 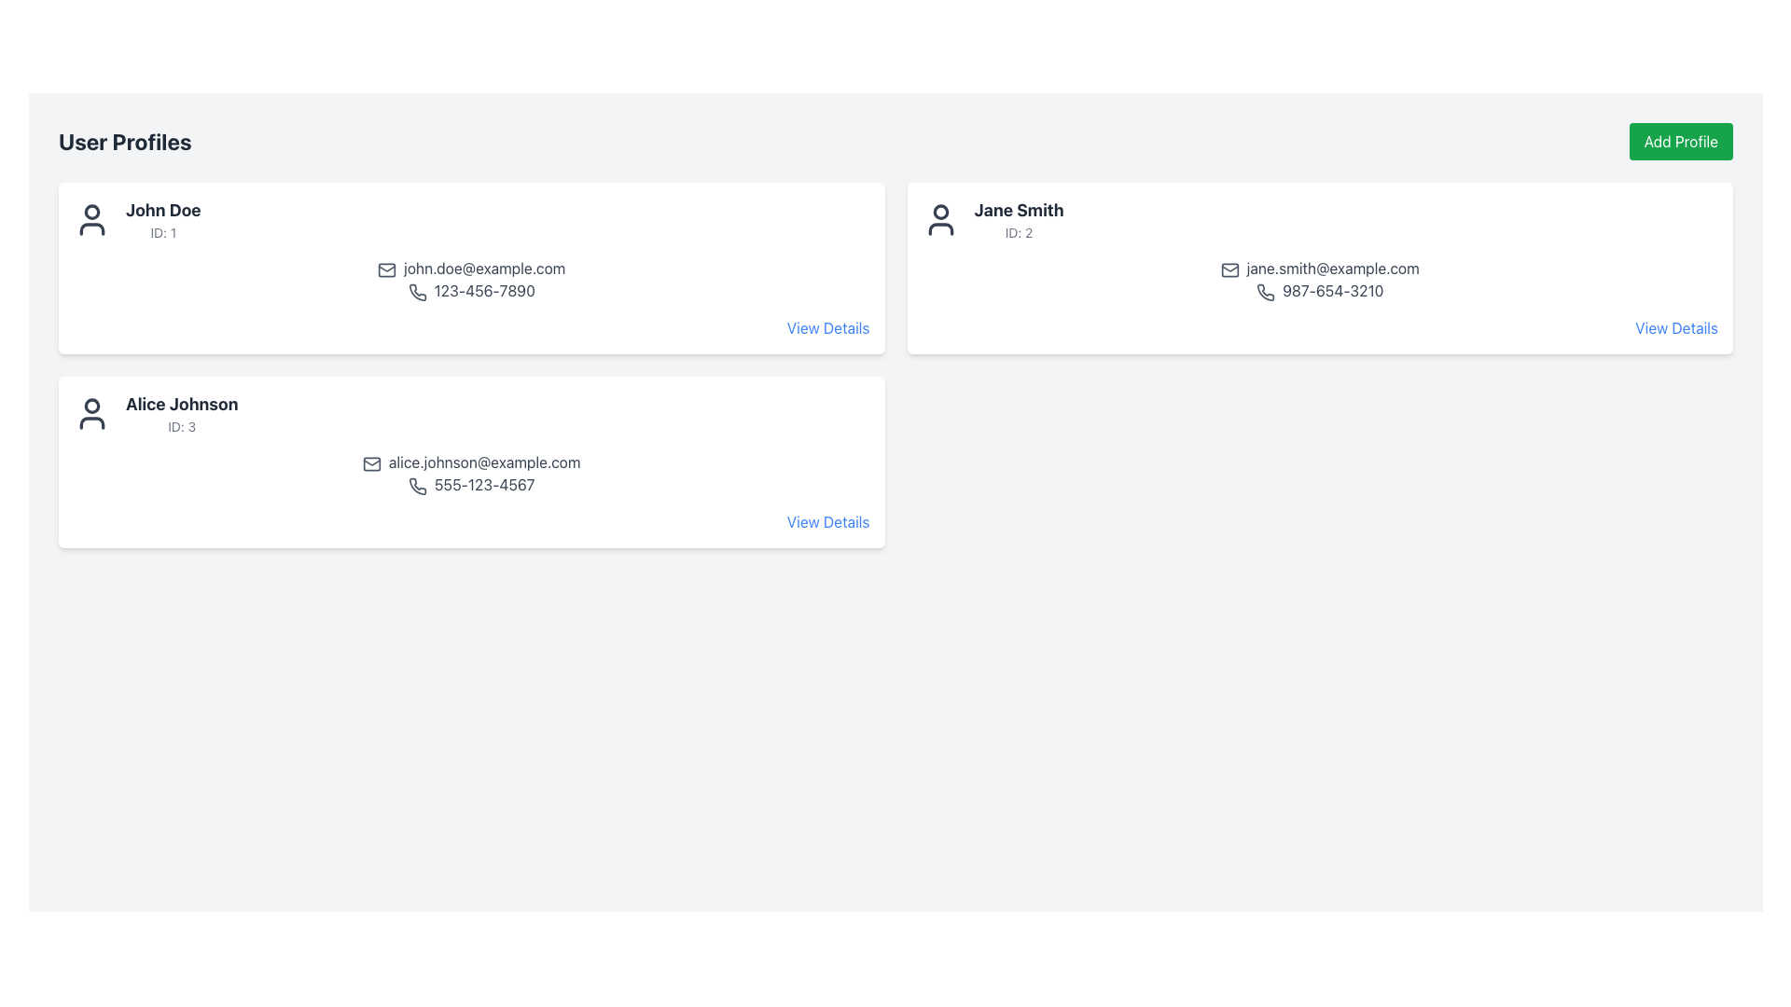 I want to click on the small gray phone icon located within Jane Smith's user card, positioned to the left of the phone number '987-654-3210', so click(x=1266, y=292).